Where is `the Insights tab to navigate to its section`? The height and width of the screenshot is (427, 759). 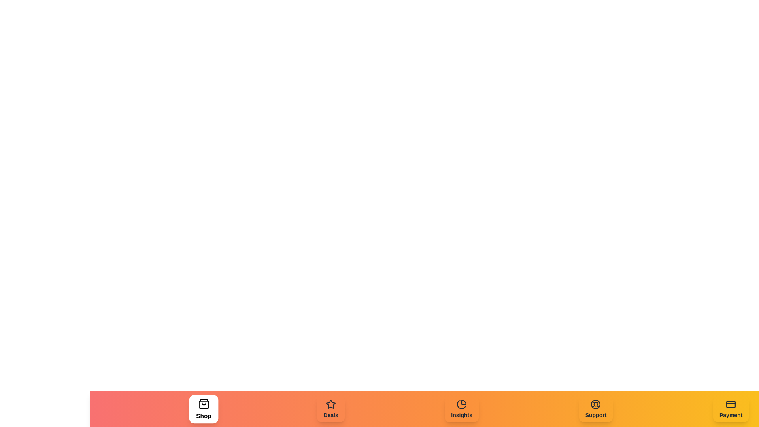
the Insights tab to navigate to its section is located at coordinates (461, 409).